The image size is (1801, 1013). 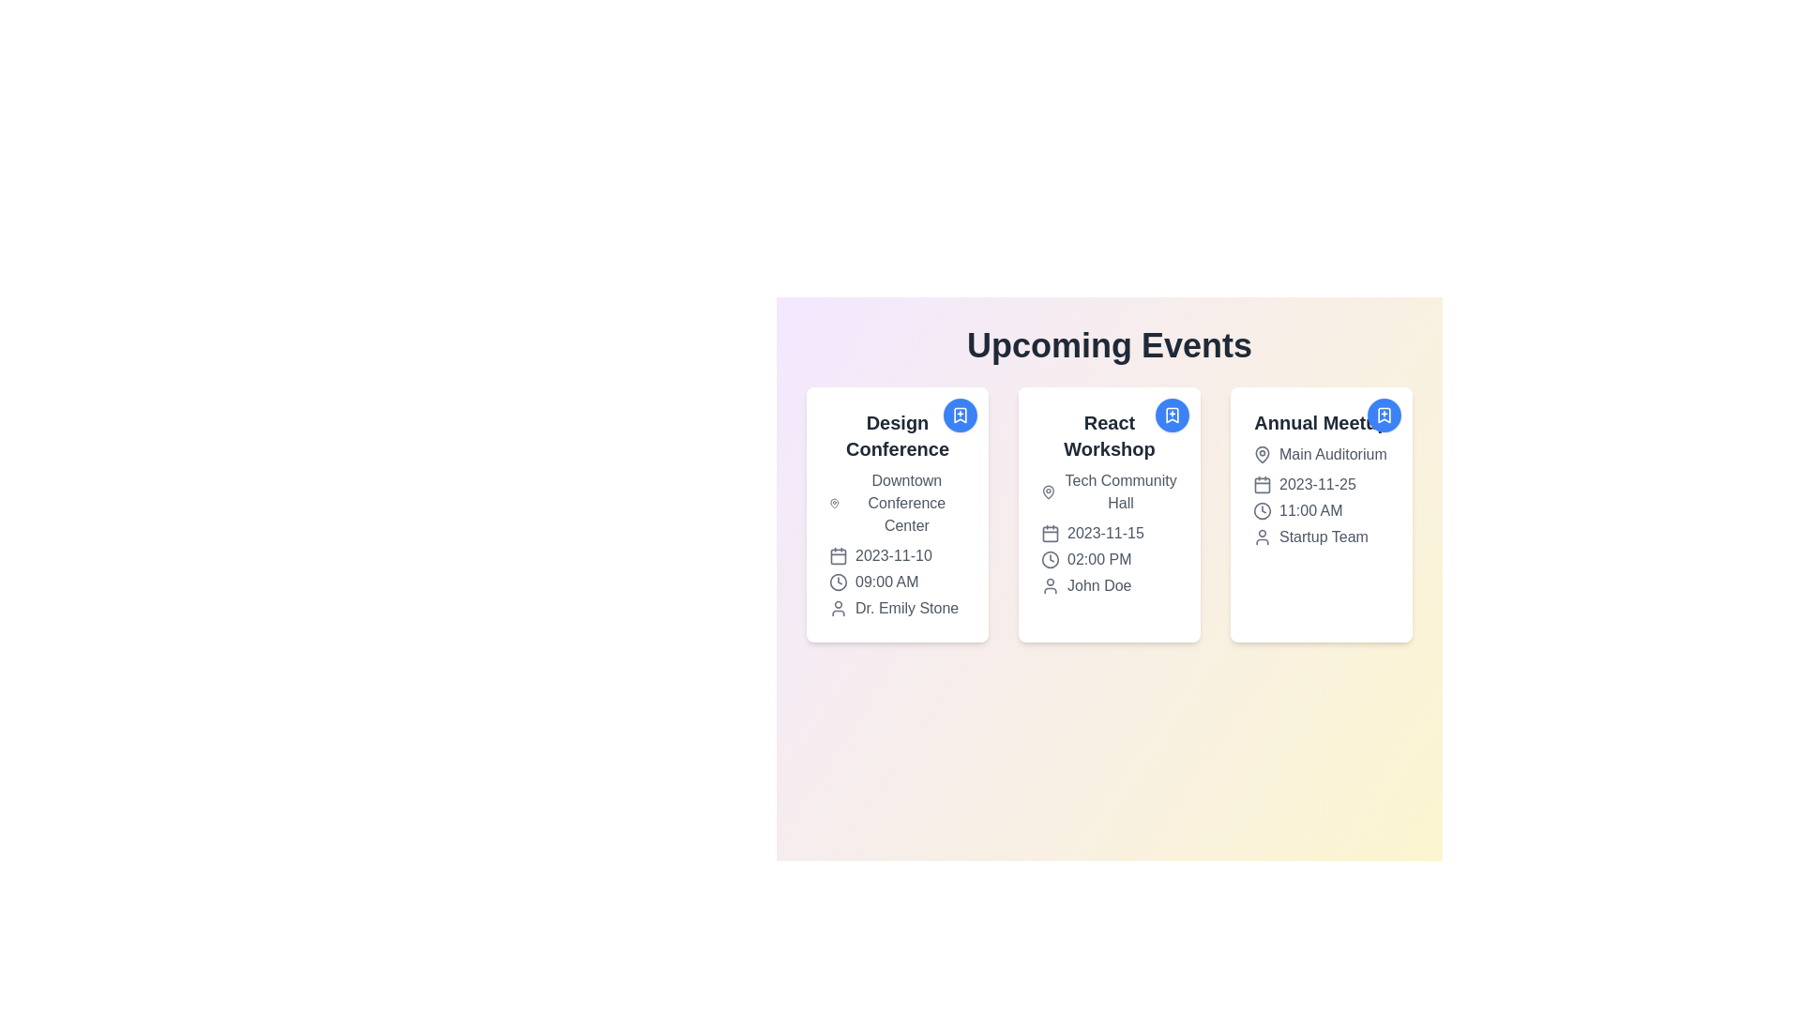 What do you see at coordinates (1109, 502) in the screenshot?
I see `the event overview card located centrally in the interface, which provides details about the event including title, venue, date, time, and organizer` at bounding box center [1109, 502].